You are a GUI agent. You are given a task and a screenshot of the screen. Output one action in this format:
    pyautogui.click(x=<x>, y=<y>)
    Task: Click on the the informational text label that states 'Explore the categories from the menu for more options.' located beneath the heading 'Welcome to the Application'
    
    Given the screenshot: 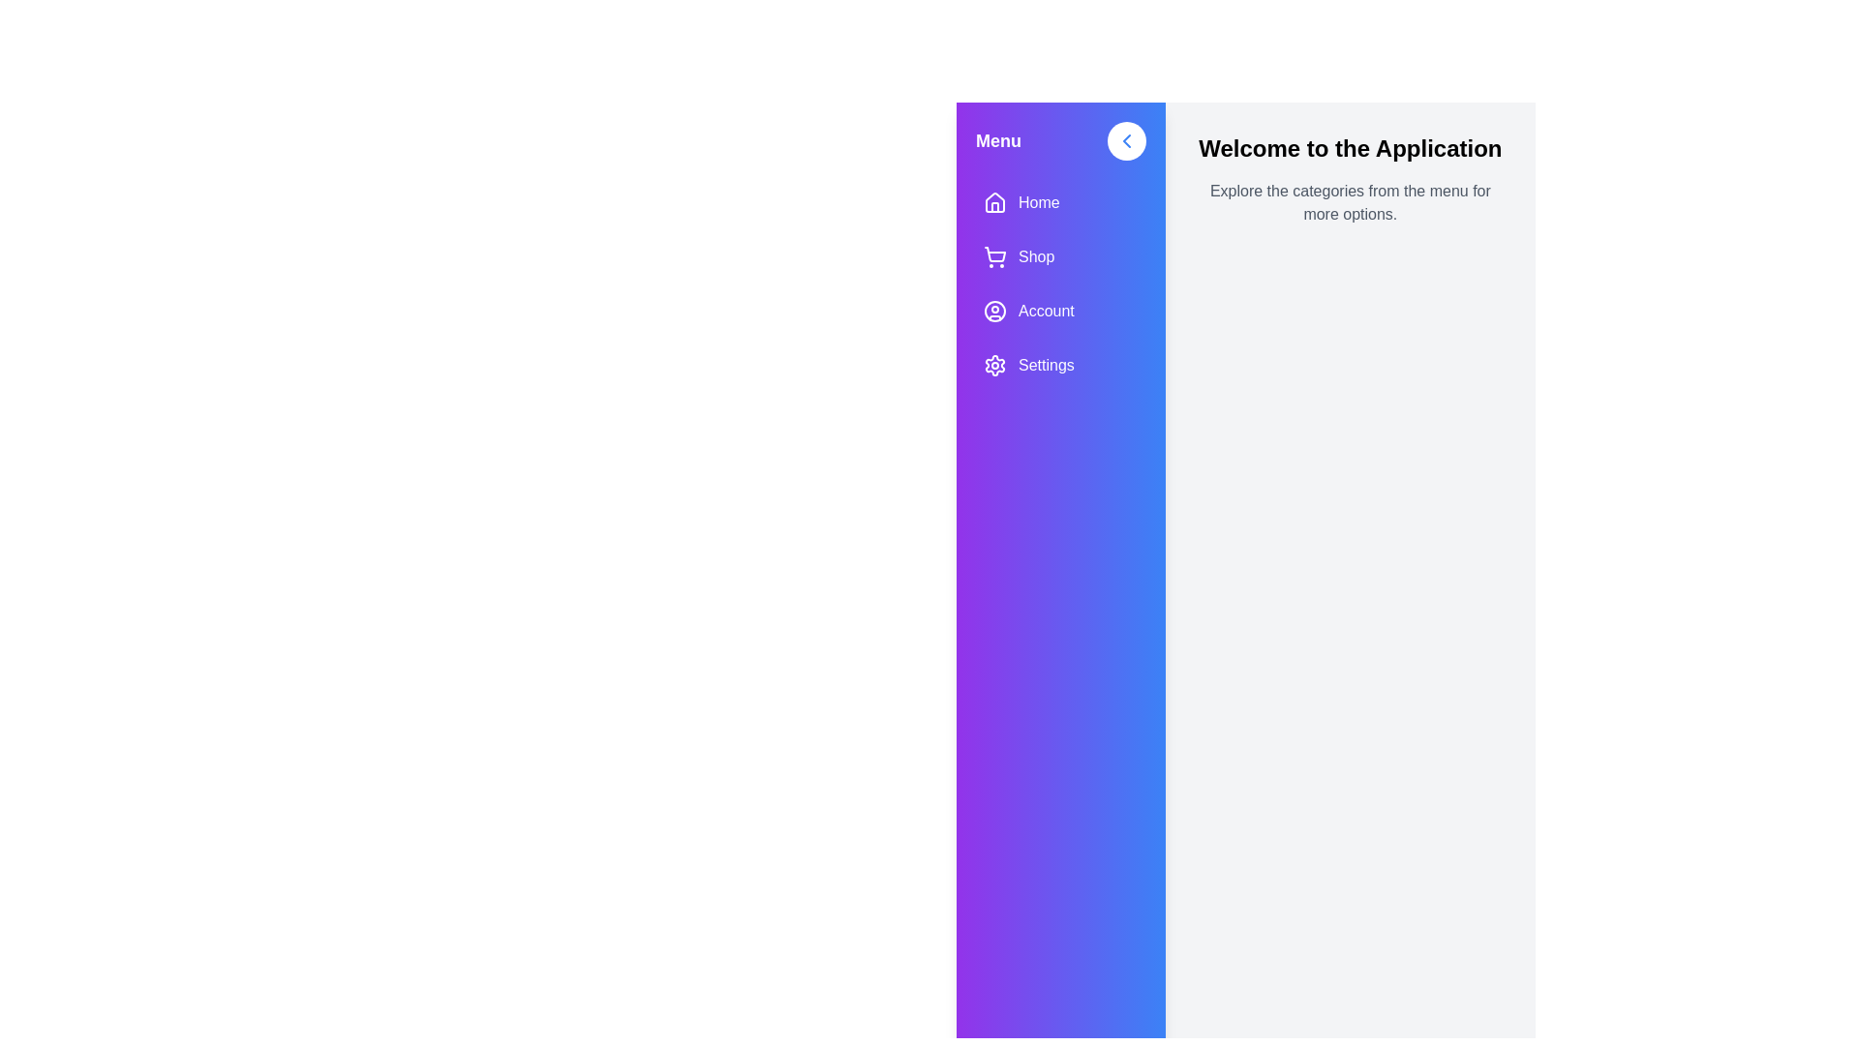 What is the action you would take?
    pyautogui.click(x=1349, y=202)
    